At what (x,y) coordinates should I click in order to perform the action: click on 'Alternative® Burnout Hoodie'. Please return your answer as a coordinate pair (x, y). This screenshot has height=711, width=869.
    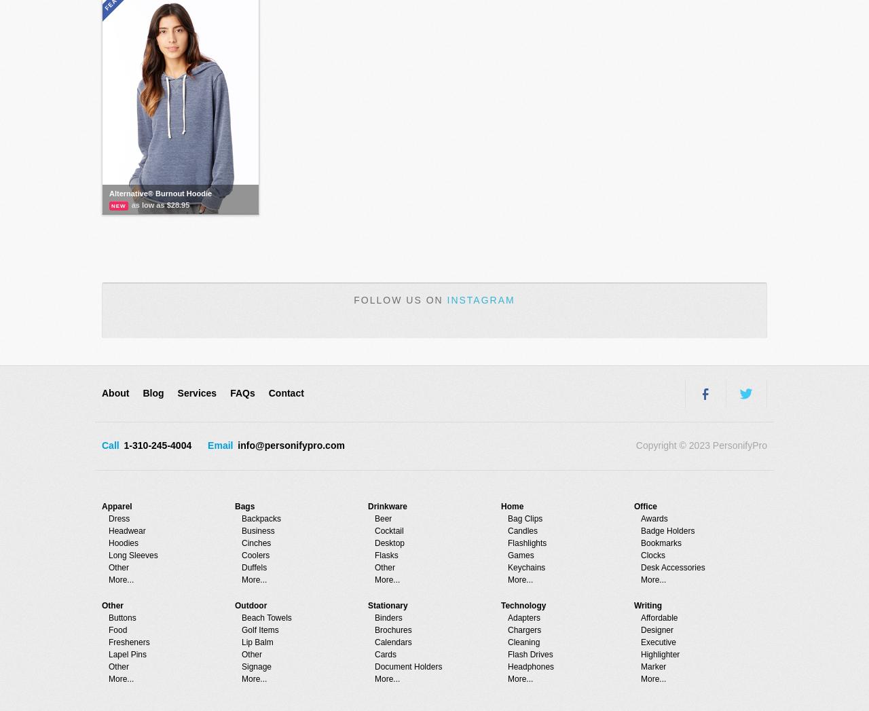
    Looking at the image, I should click on (160, 193).